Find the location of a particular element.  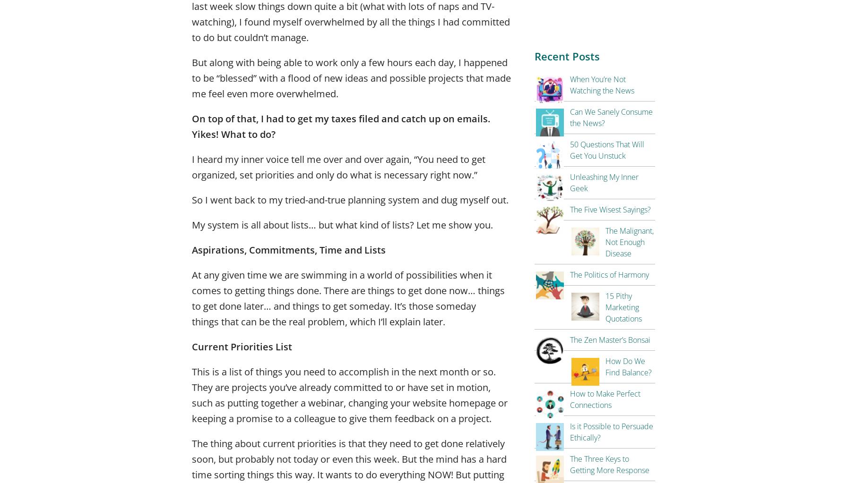

'But along with being able to work only a few hours each day, I happened to be “blessed” with a flood of new ideas and possible projects that made me feel even more overwhelmed.' is located at coordinates (351, 77).